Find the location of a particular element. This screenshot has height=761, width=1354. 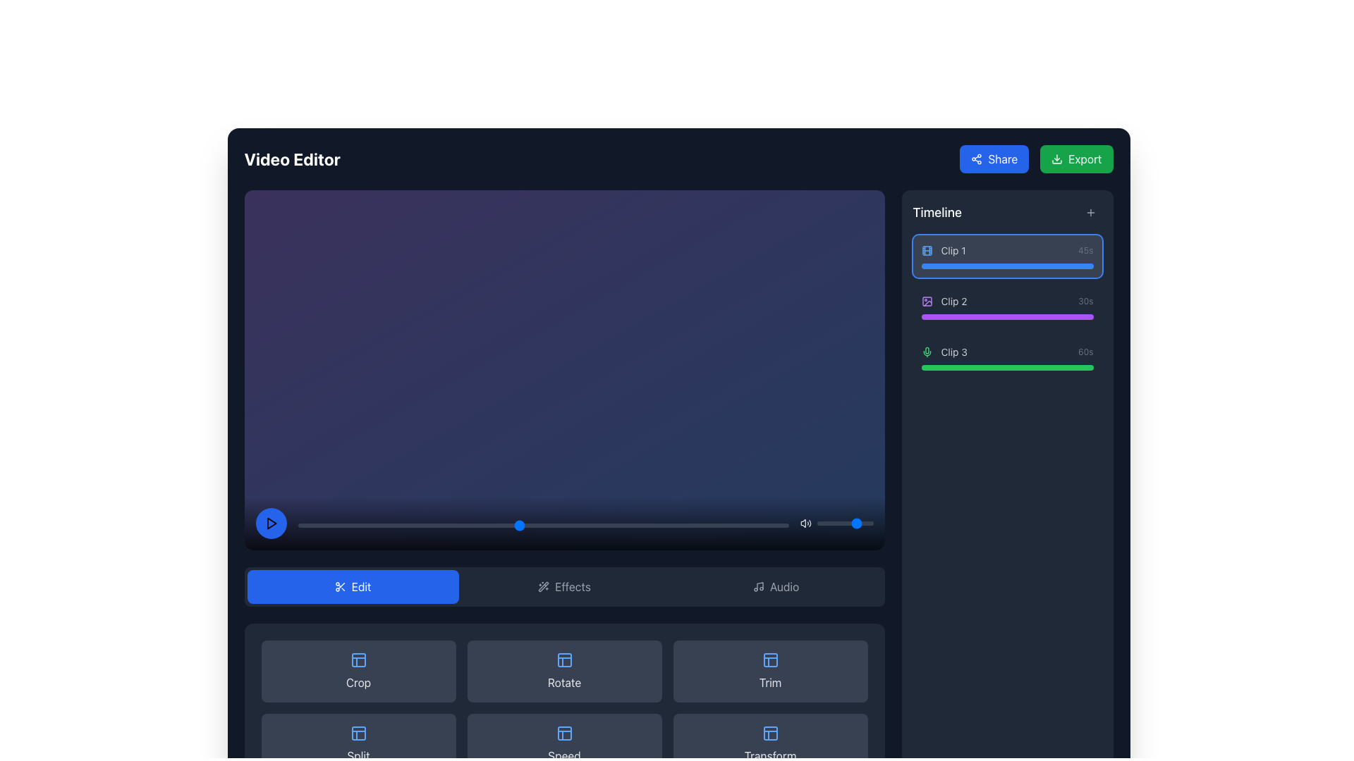

the 'Edit' button located at the leftmost position among three buttons beneath the video player panel is located at coordinates (353, 586).